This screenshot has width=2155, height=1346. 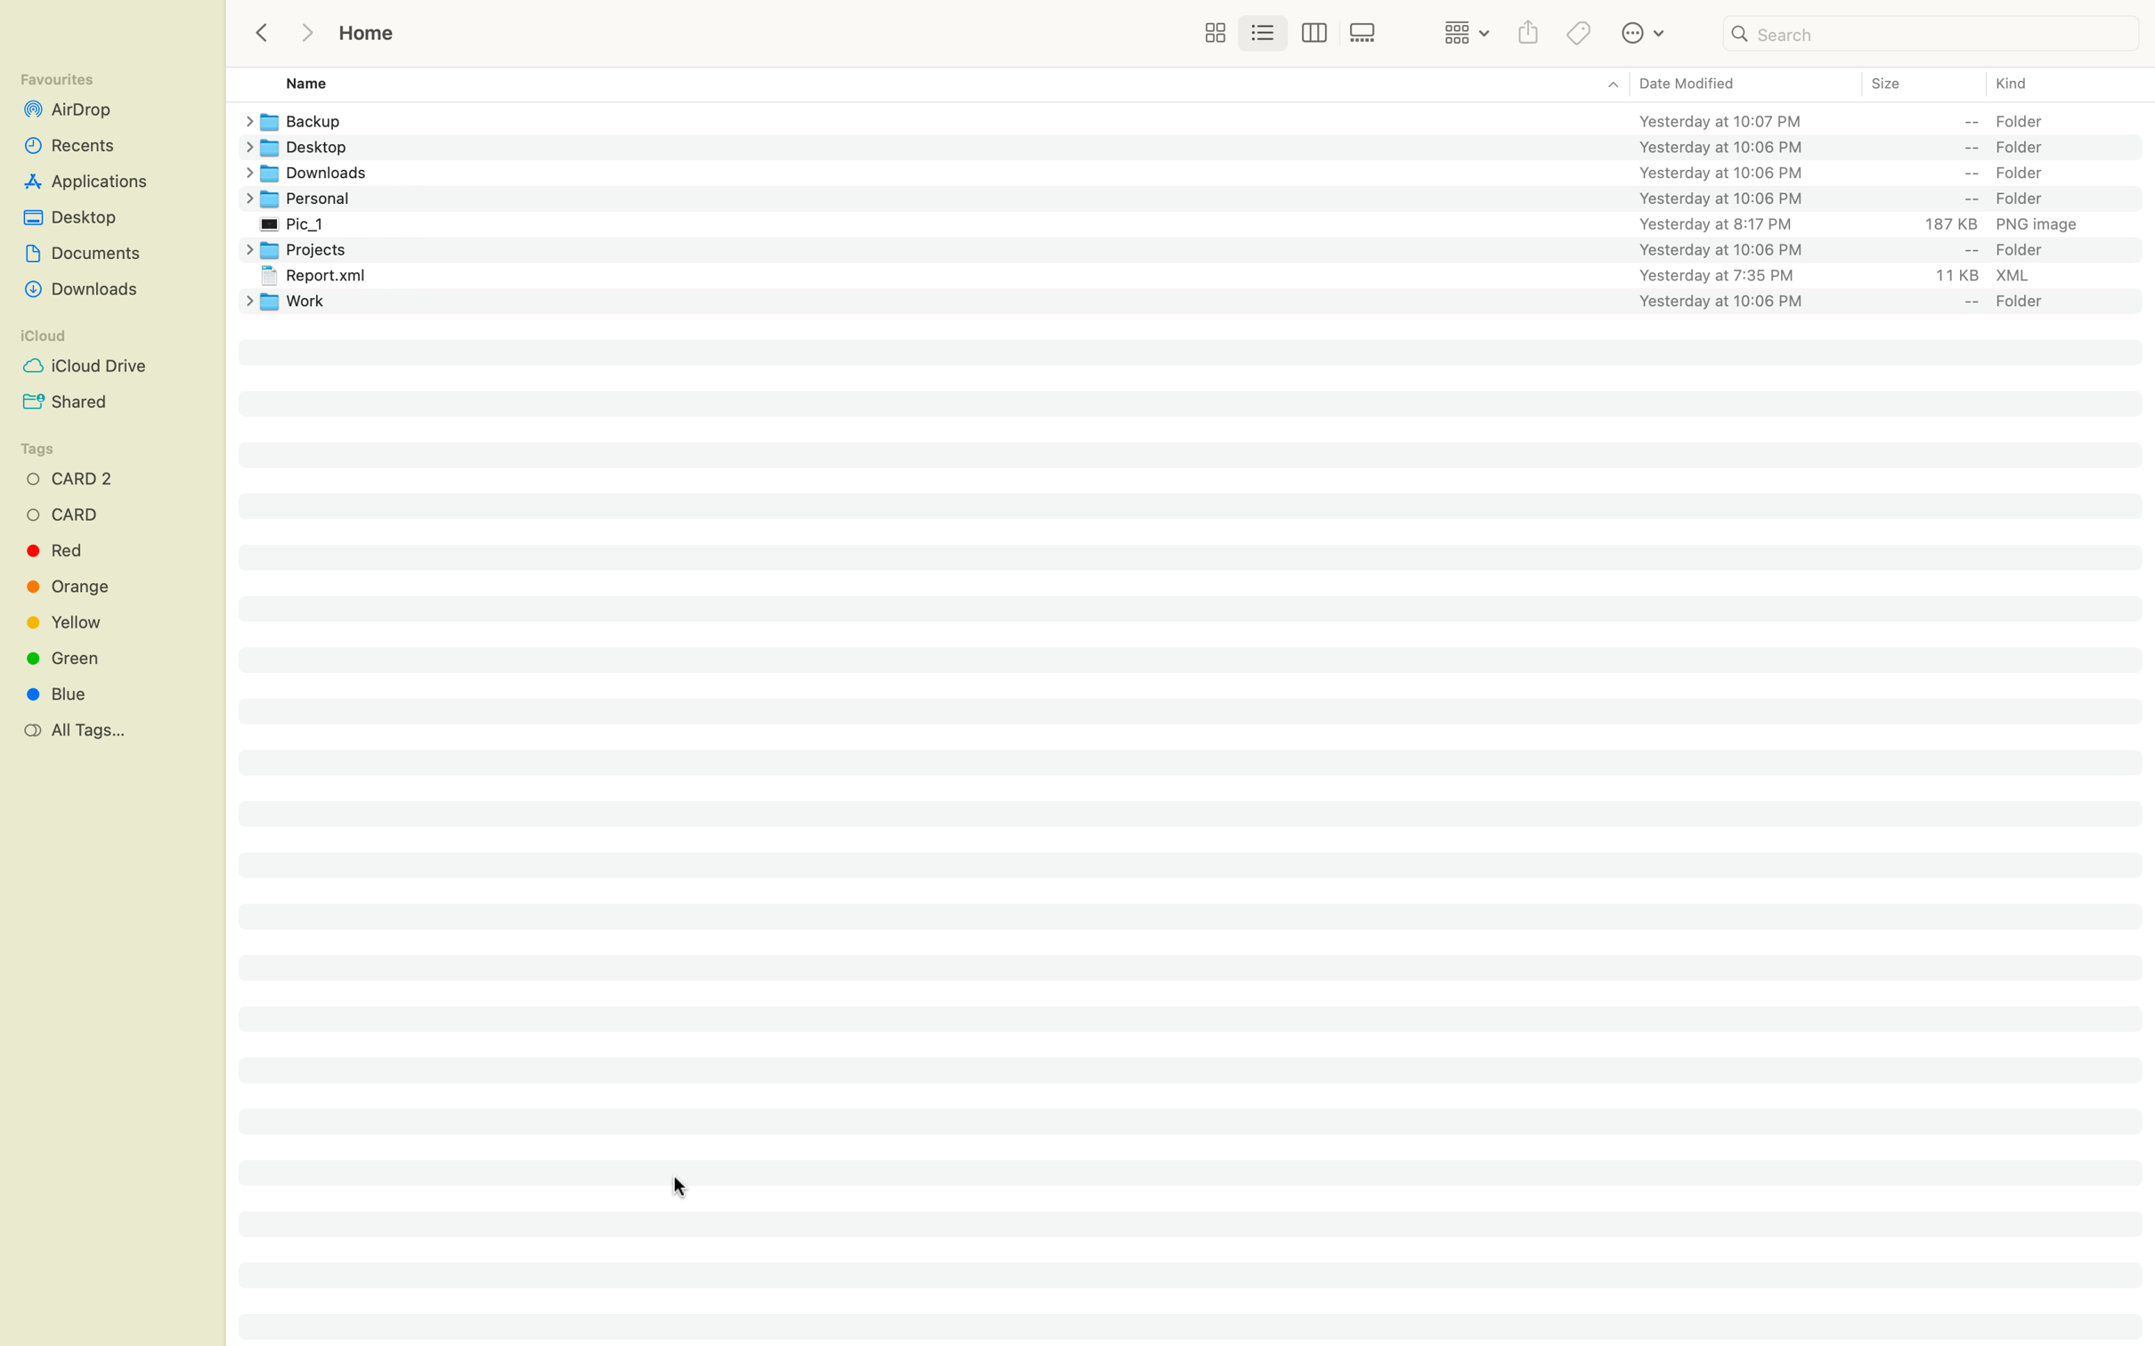 I want to click on Re-label the Desktop folder as "My Desktop, so click(x=1205, y=145).